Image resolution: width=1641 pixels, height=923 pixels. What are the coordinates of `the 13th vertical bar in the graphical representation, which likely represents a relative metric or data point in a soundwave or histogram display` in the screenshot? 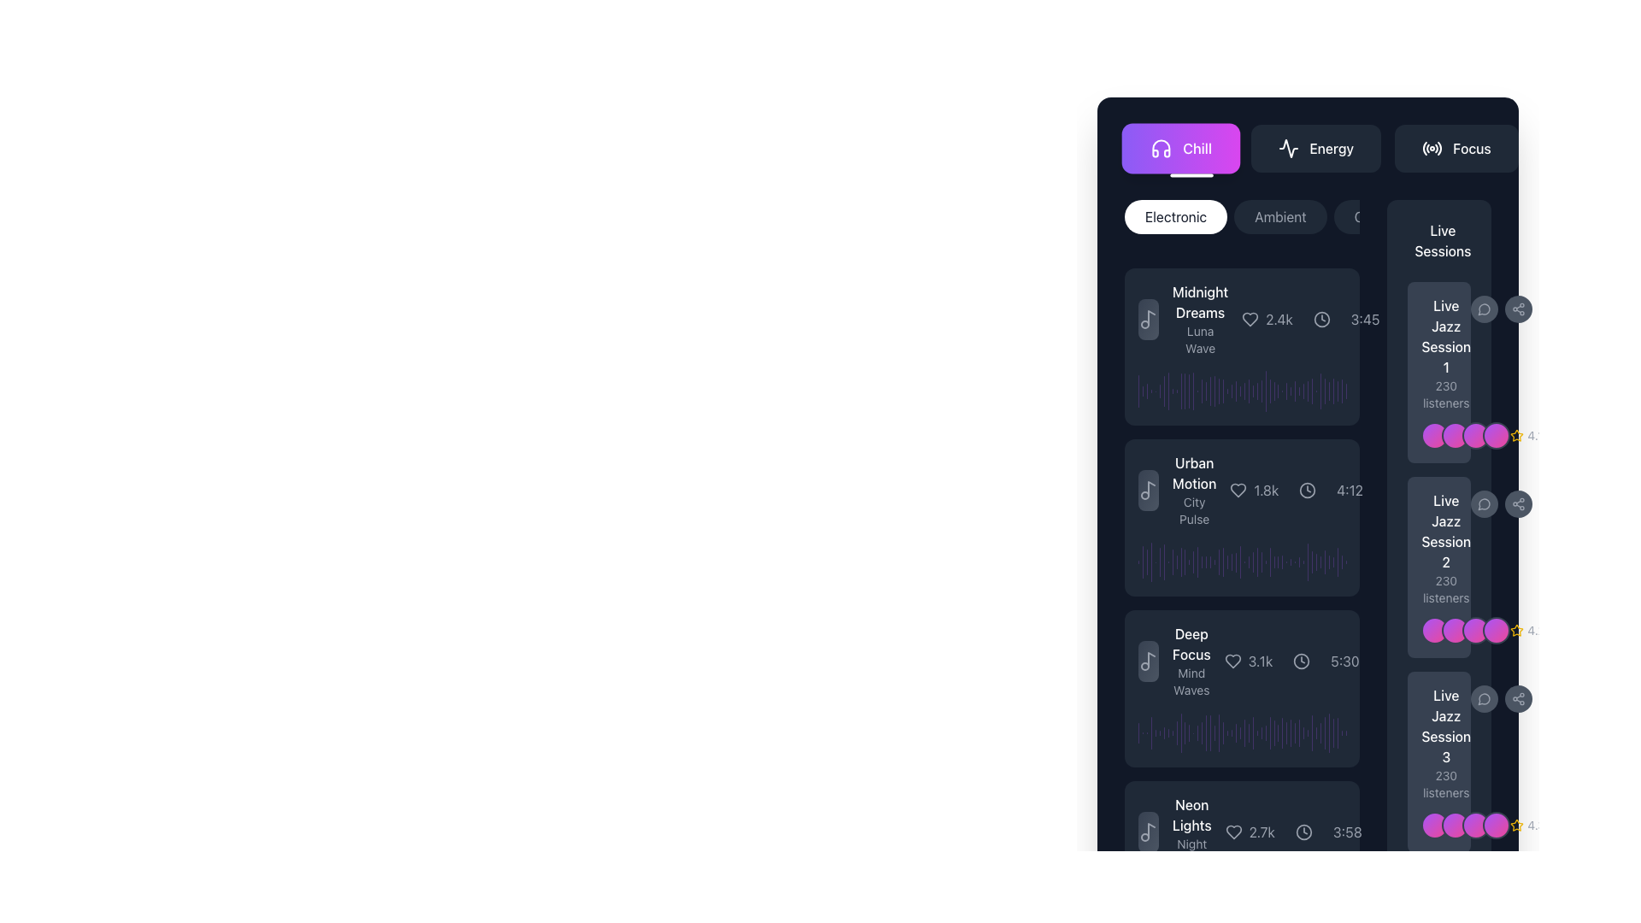 It's located at (1189, 732).